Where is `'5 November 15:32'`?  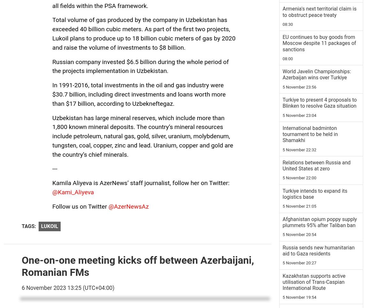
'5 November 15:32' is located at coordinates (299, 43).